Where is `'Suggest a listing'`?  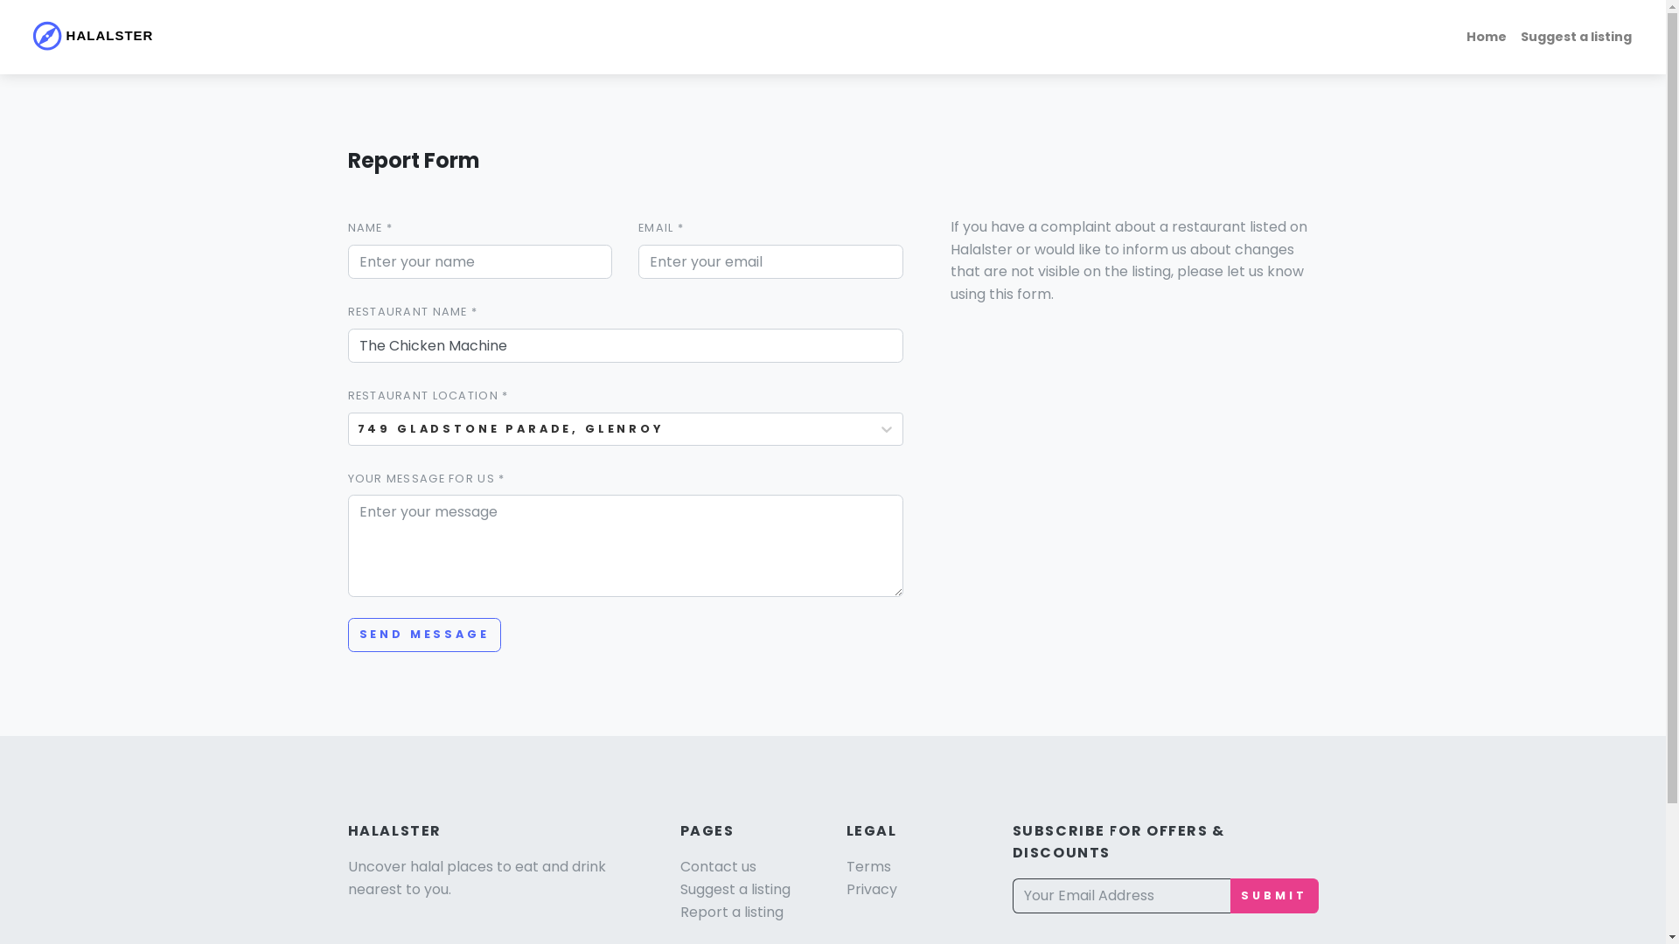 'Suggest a listing' is located at coordinates (735, 889).